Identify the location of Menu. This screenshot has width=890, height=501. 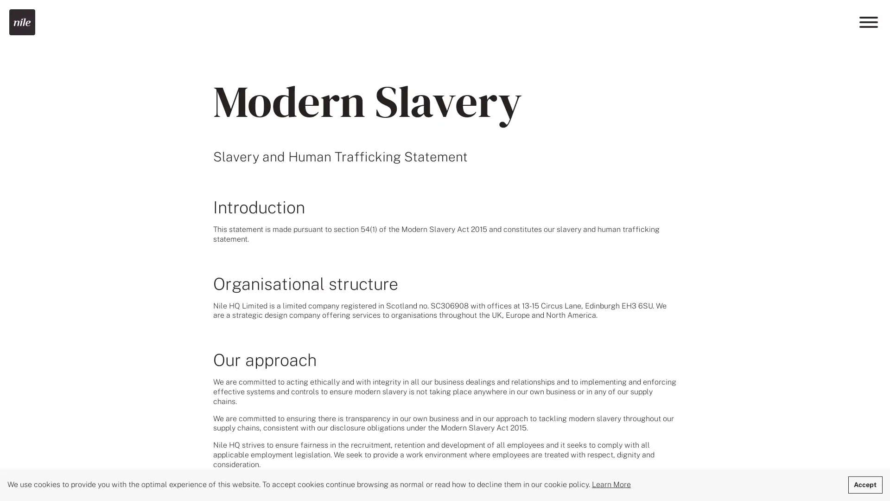
(868, 21).